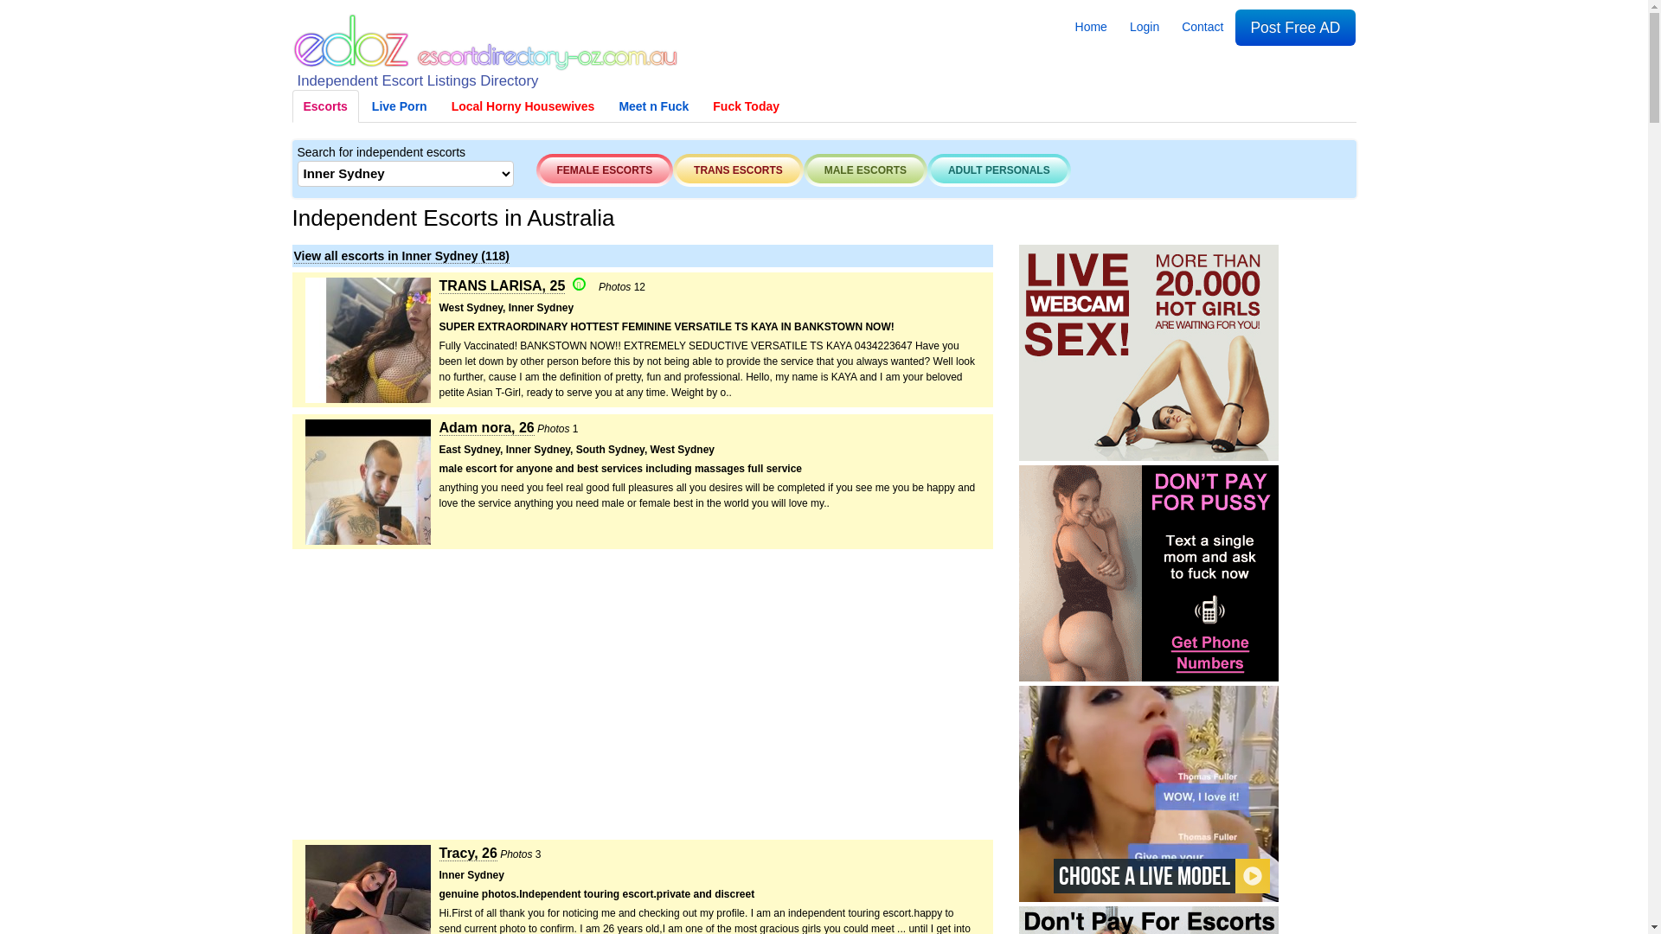  I want to click on 'Escorts', so click(325, 106).